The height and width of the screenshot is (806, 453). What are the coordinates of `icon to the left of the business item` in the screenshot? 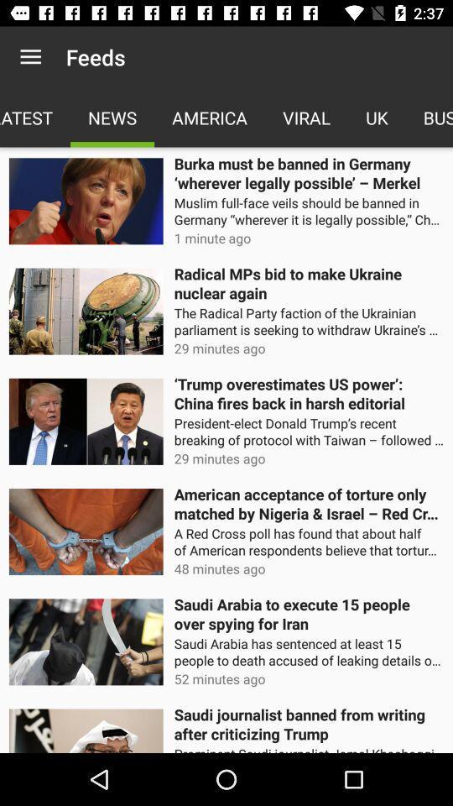 It's located at (377, 117).